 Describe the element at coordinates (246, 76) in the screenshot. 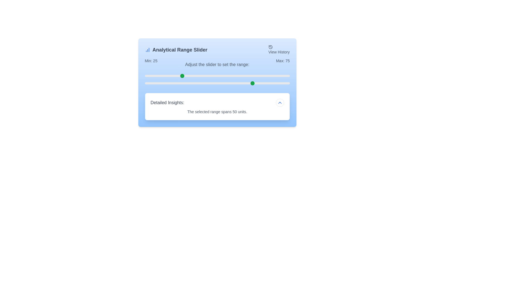

I see `the minimum range slider to 70` at that location.